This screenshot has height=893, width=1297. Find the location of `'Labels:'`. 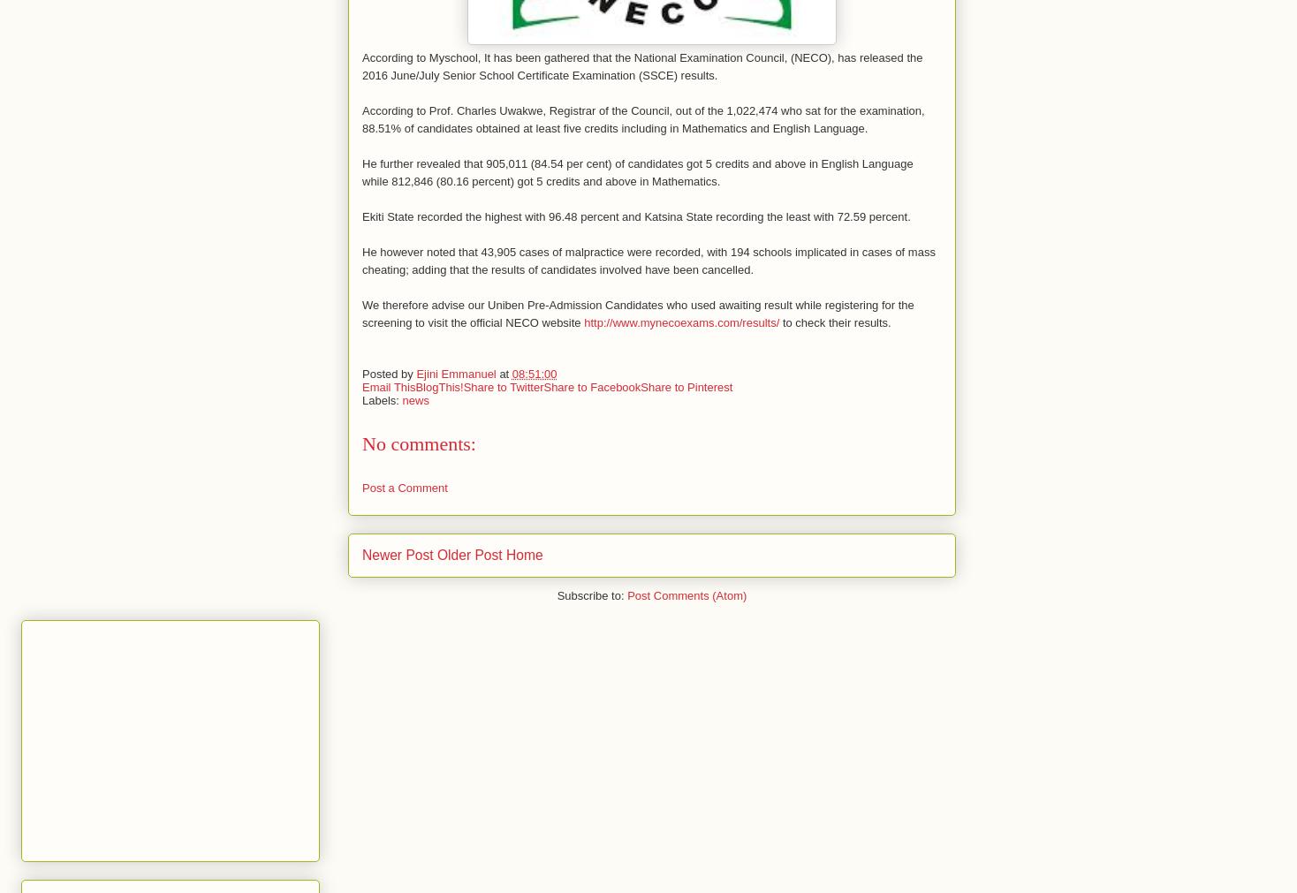

'Labels:' is located at coordinates (382, 398).